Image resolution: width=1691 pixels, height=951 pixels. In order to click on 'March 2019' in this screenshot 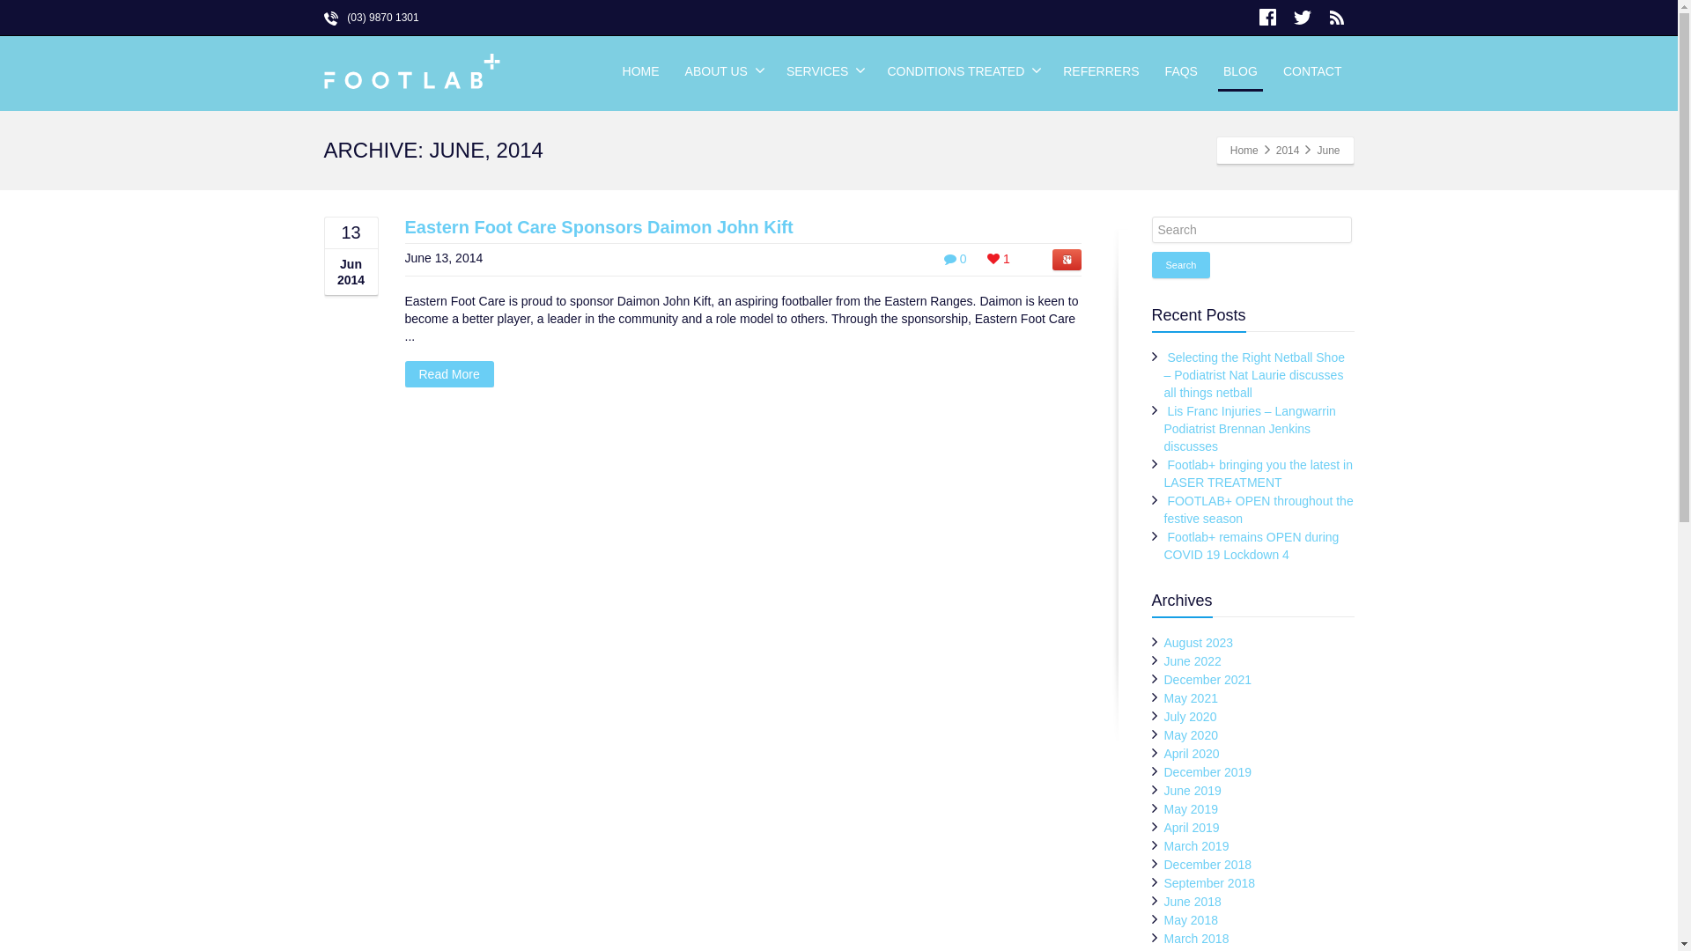, I will do `click(1196, 844)`.